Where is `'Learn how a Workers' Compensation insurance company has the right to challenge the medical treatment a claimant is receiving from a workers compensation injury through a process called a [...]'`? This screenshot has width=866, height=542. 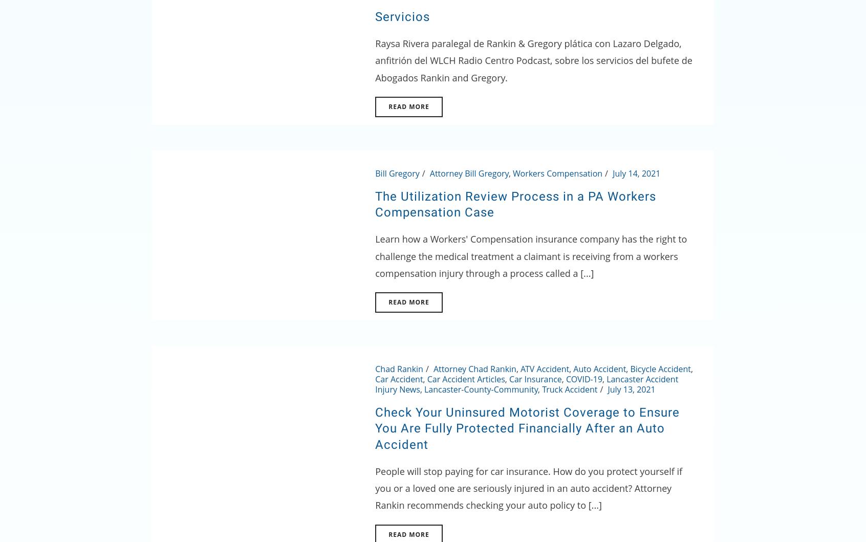 'Learn how a Workers' Compensation insurance company has the right to challenge the medical treatment a claimant is receiving from a workers compensation injury through a process called a [...]' is located at coordinates (530, 255).